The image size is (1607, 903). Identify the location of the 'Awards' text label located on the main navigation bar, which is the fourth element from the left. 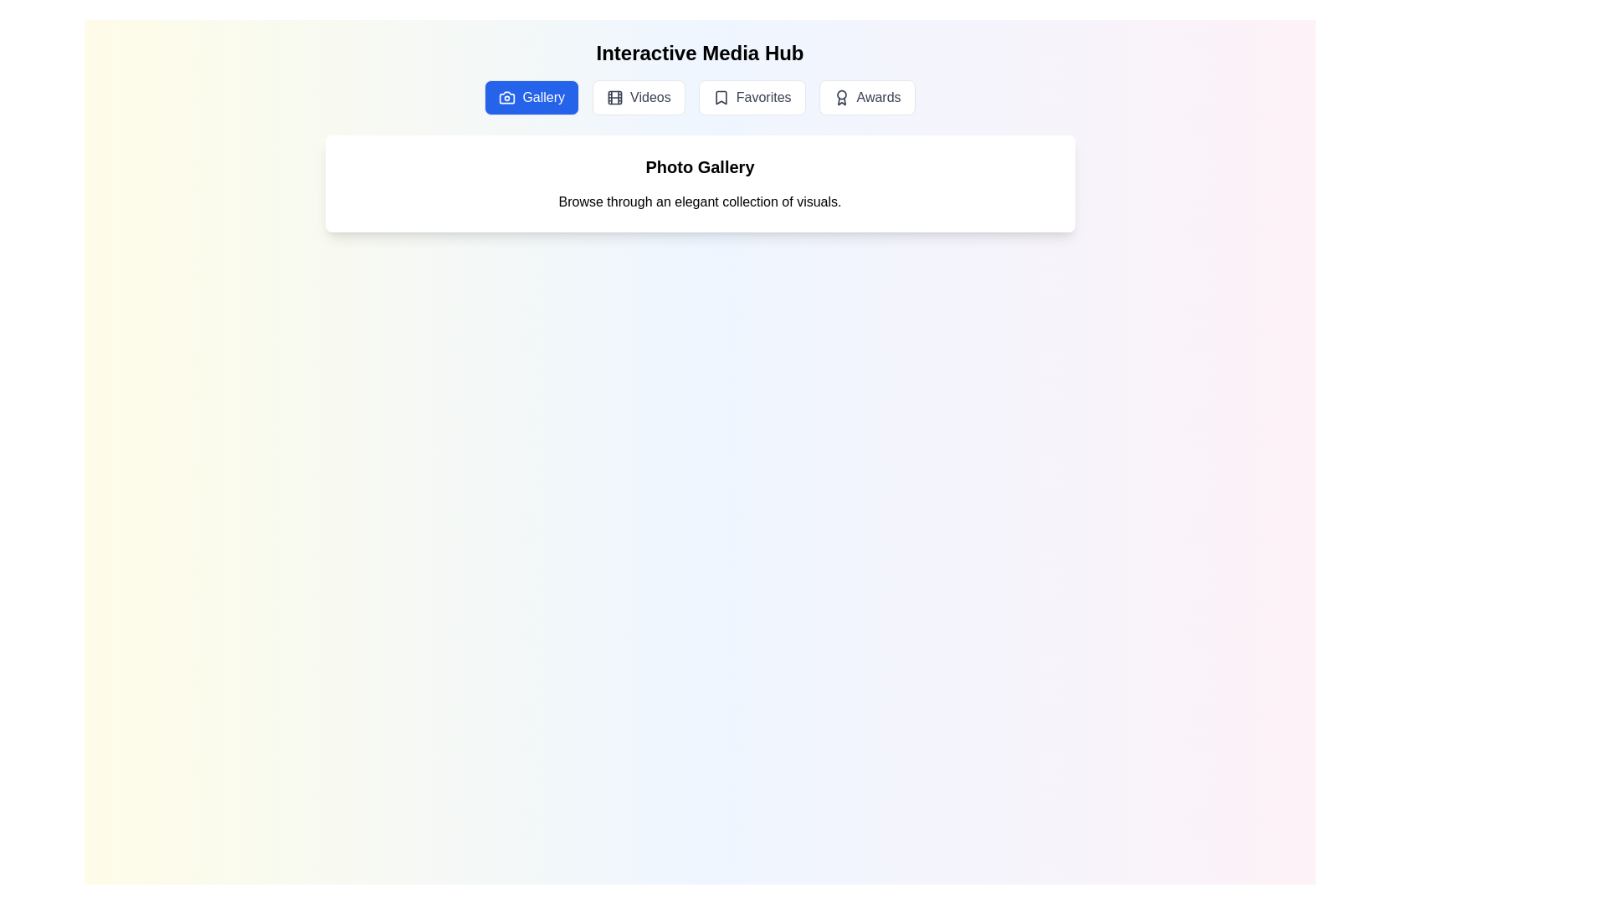
(878, 97).